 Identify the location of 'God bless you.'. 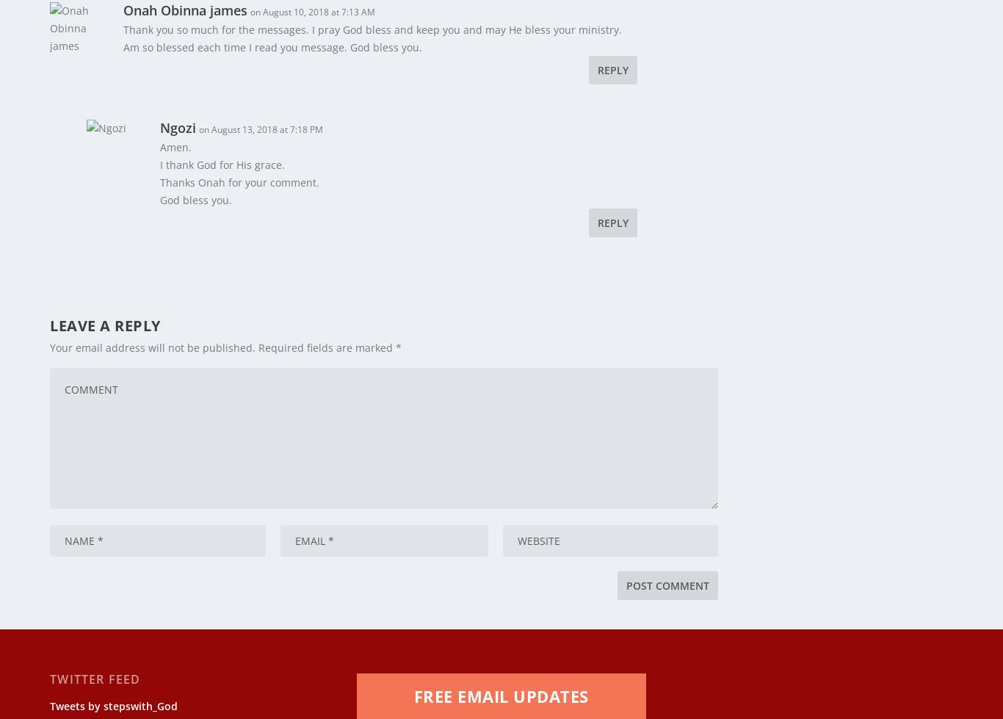
(159, 190).